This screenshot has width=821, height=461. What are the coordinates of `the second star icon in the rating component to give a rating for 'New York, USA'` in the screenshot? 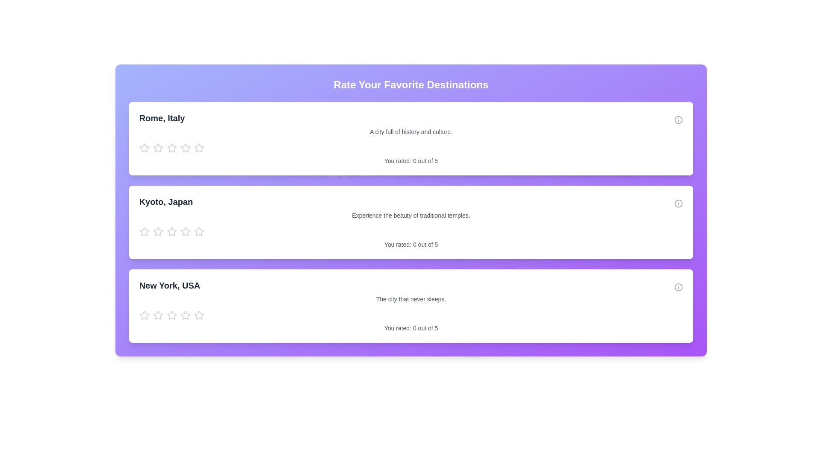 It's located at (171, 315).